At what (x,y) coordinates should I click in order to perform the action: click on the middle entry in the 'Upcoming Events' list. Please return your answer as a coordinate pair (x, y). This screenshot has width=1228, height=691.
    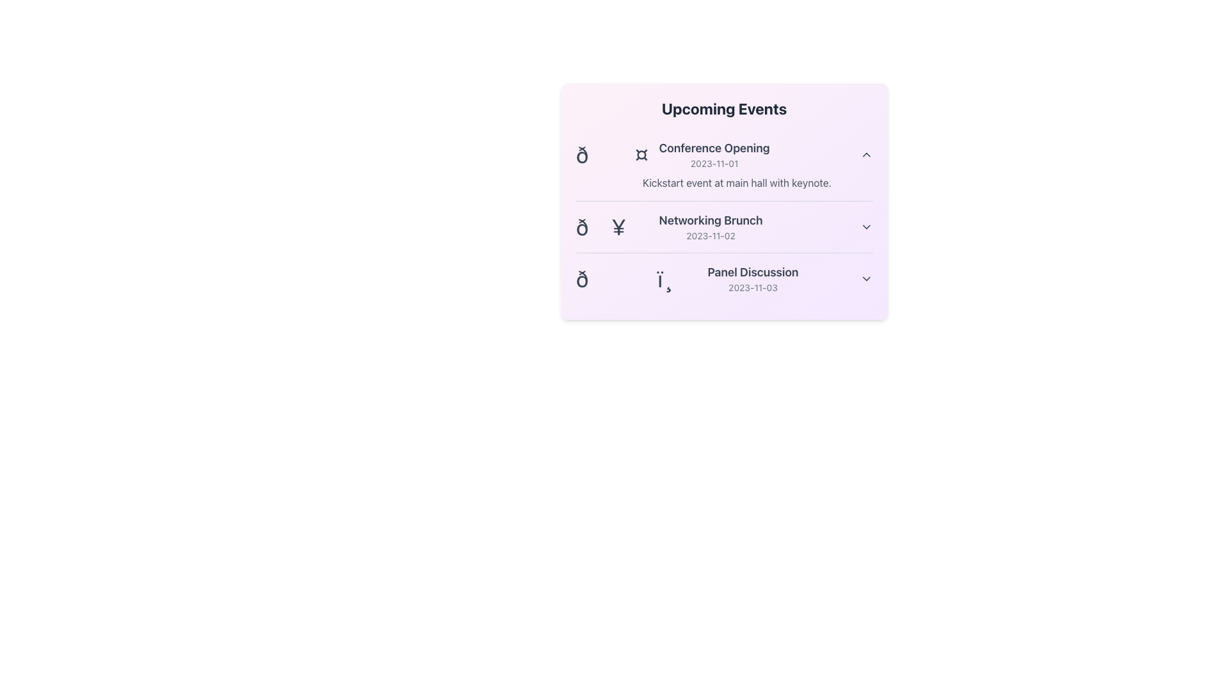
    Looking at the image, I should click on (724, 226).